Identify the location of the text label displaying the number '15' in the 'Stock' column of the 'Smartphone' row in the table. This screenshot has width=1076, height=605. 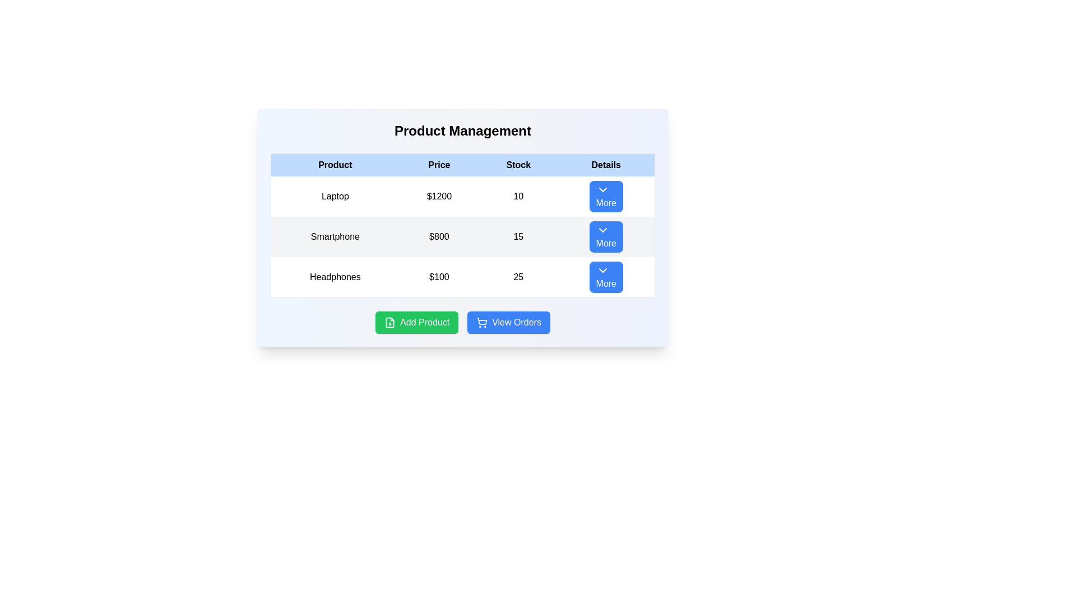
(518, 236).